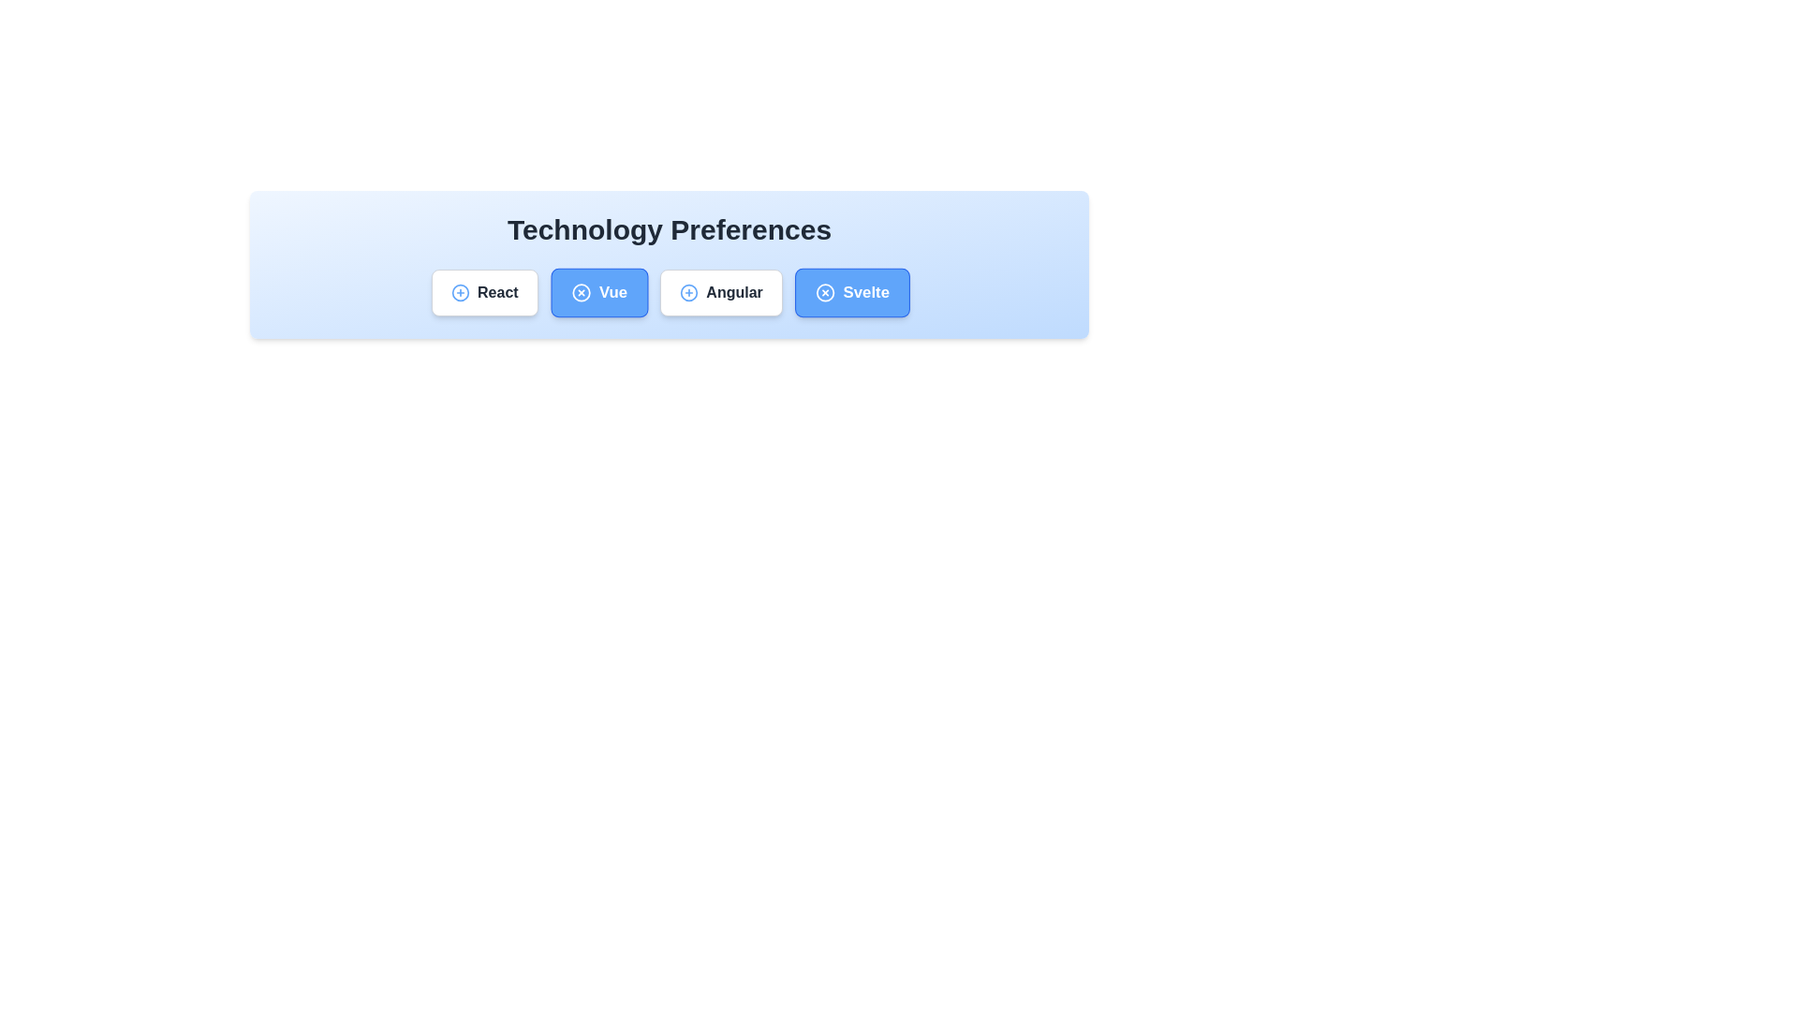 The width and height of the screenshot is (1798, 1011). Describe the element at coordinates (719, 292) in the screenshot. I see `the chip labeled Angular to observe its hover effect` at that location.